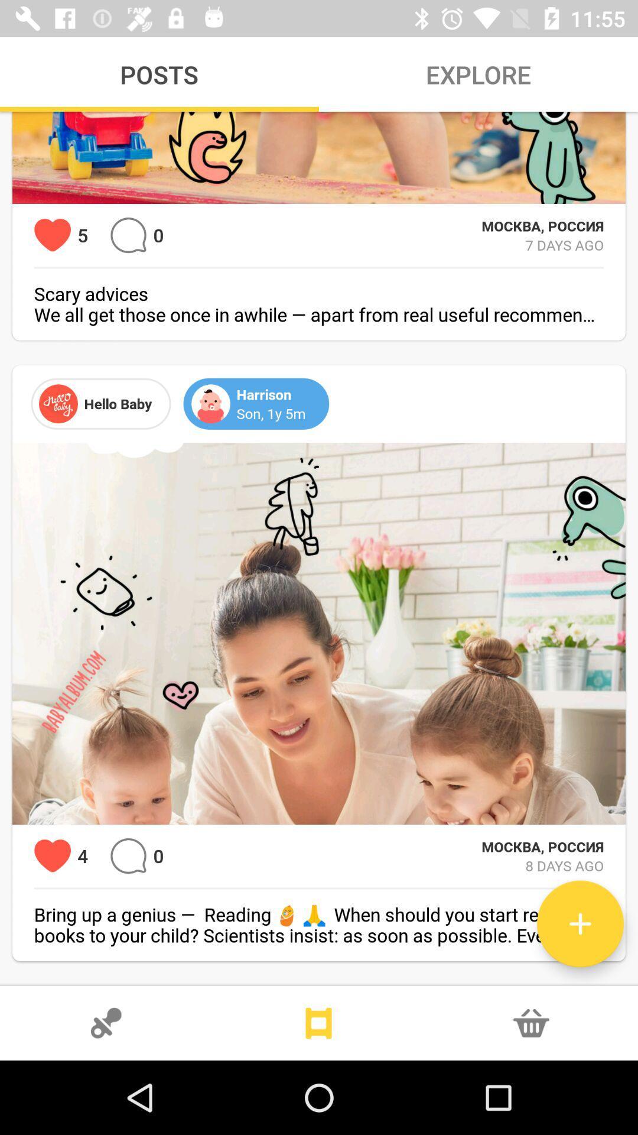 Image resolution: width=638 pixels, height=1135 pixels. I want to click on like post, so click(52, 235).